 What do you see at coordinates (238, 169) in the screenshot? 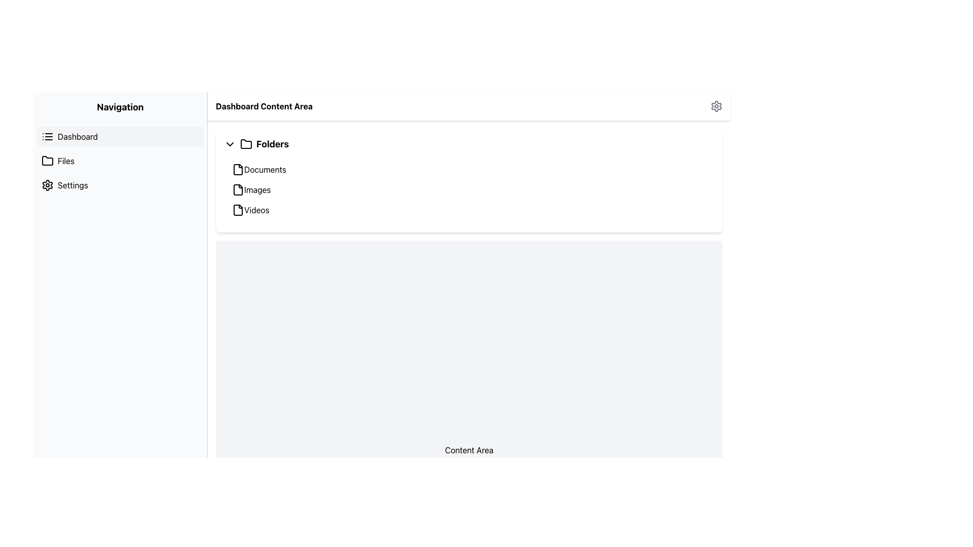
I see `the minimalist outline file document icon located beside the 'Documents' label in the folder list under the 'Folders' section of the Dashboard Content Area` at bounding box center [238, 169].